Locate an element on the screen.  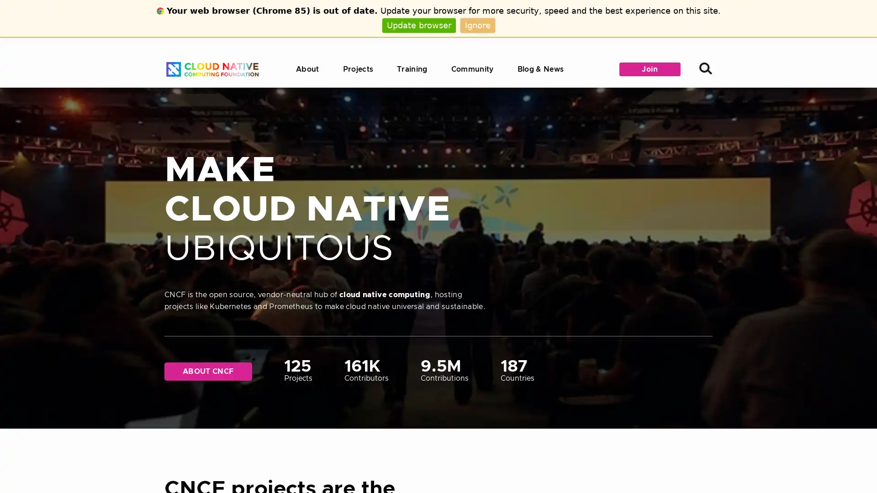
Ignore is located at coordinates (477, 25).